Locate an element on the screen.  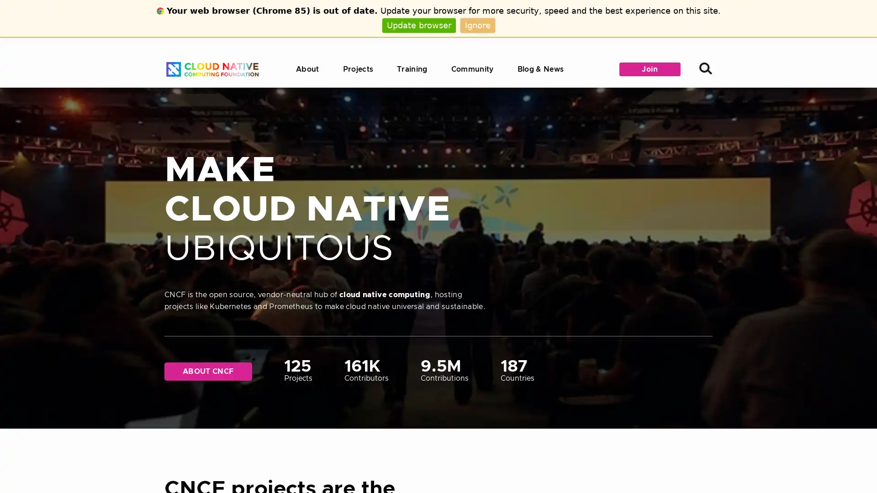
Ignore is located at coordinates (477, 25).